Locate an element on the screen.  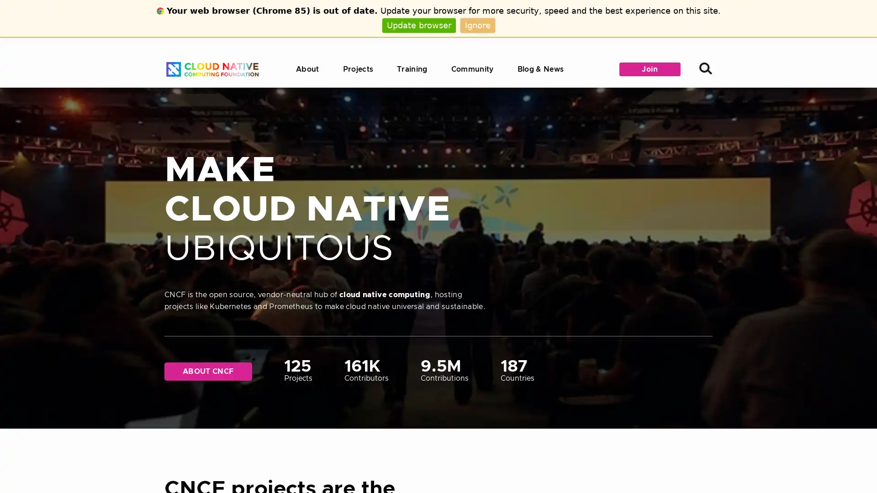
Ignore is located at coordinates (477, 25).